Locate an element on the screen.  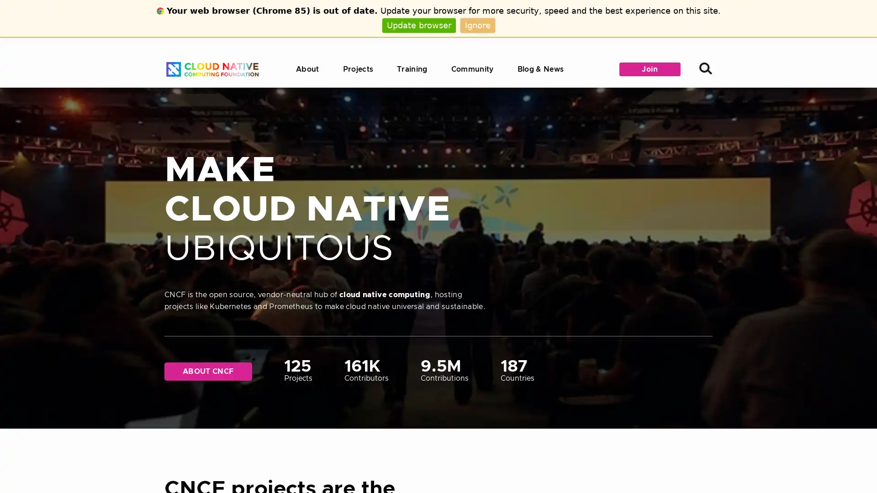
Ignore is located at coordinates (477, 25).